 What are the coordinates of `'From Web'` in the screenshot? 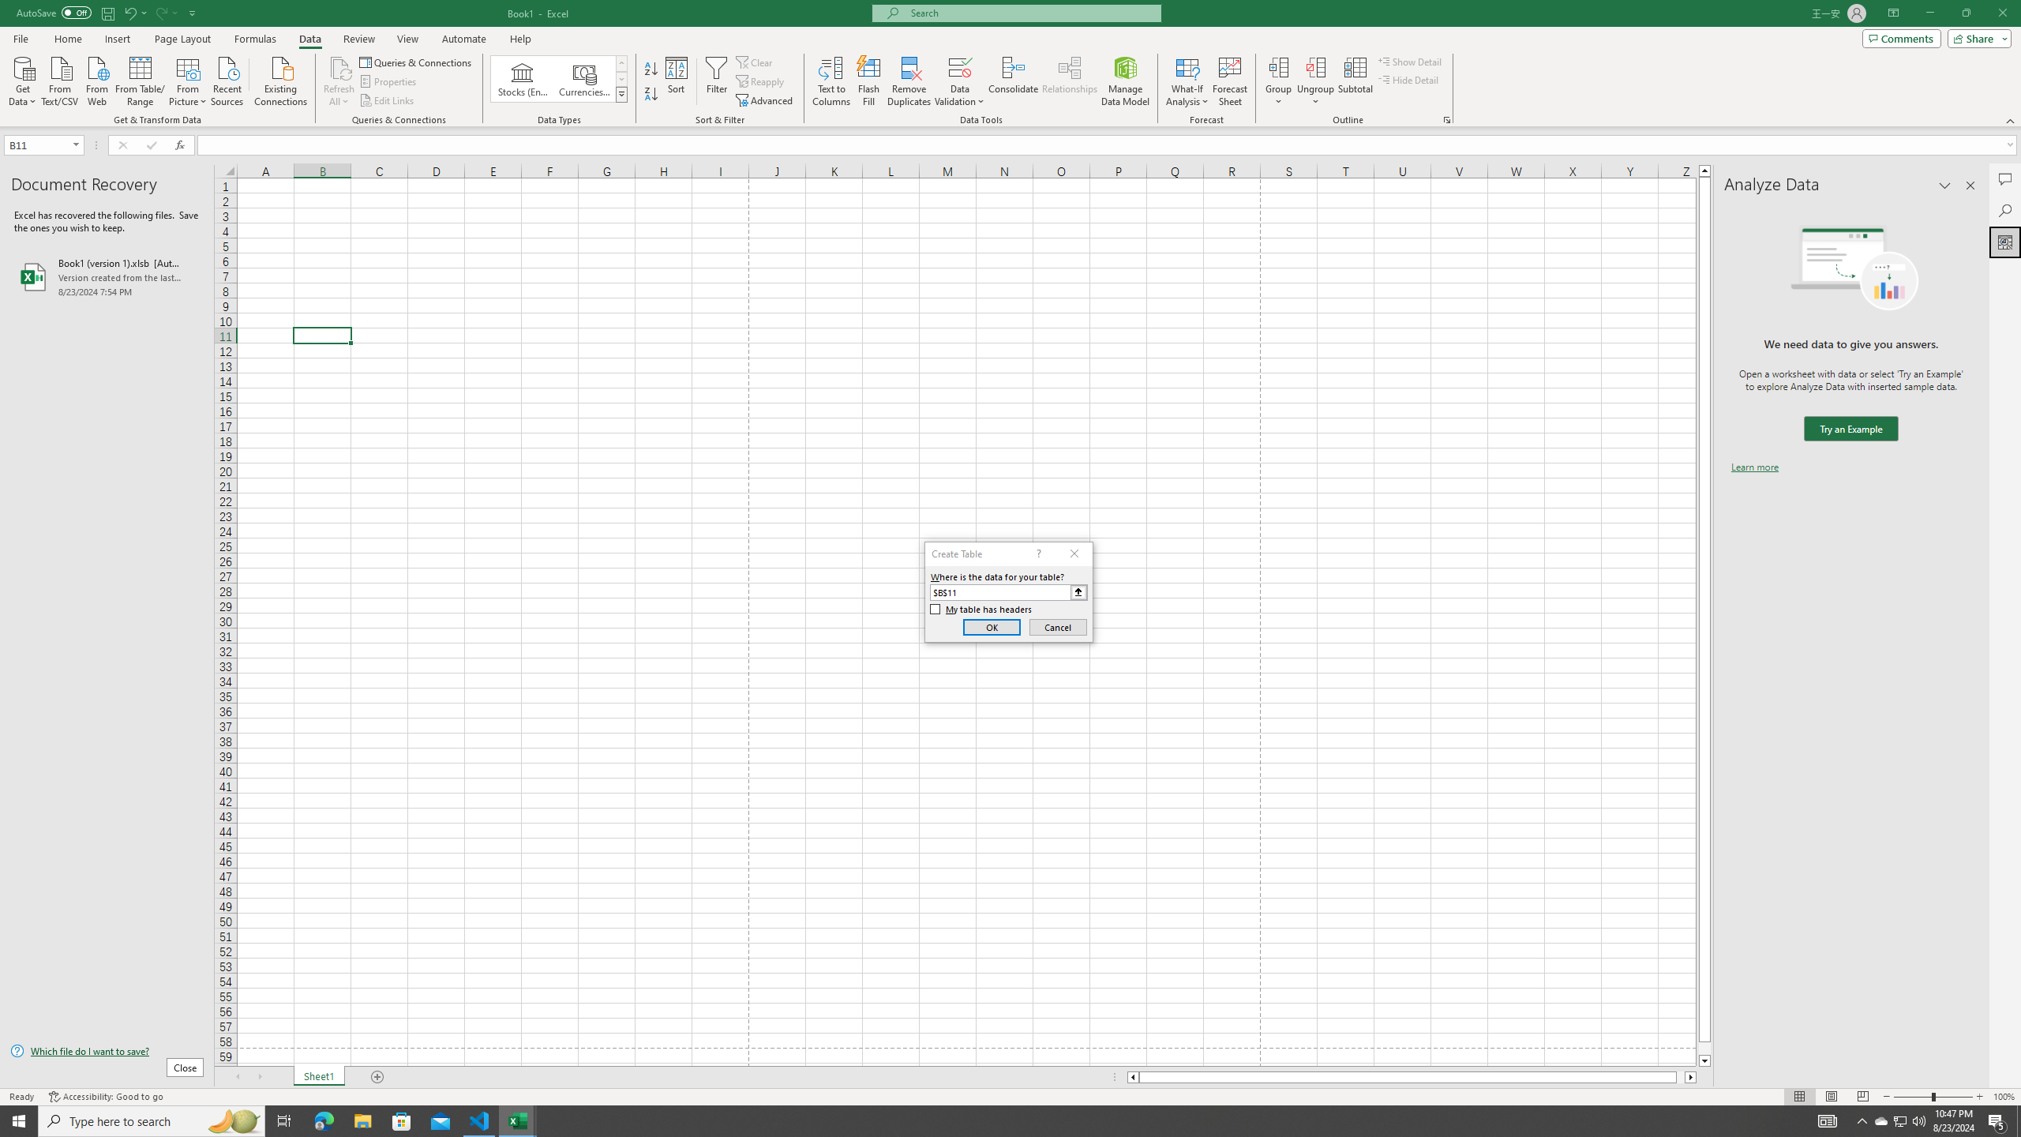 It's located at (96, 79).